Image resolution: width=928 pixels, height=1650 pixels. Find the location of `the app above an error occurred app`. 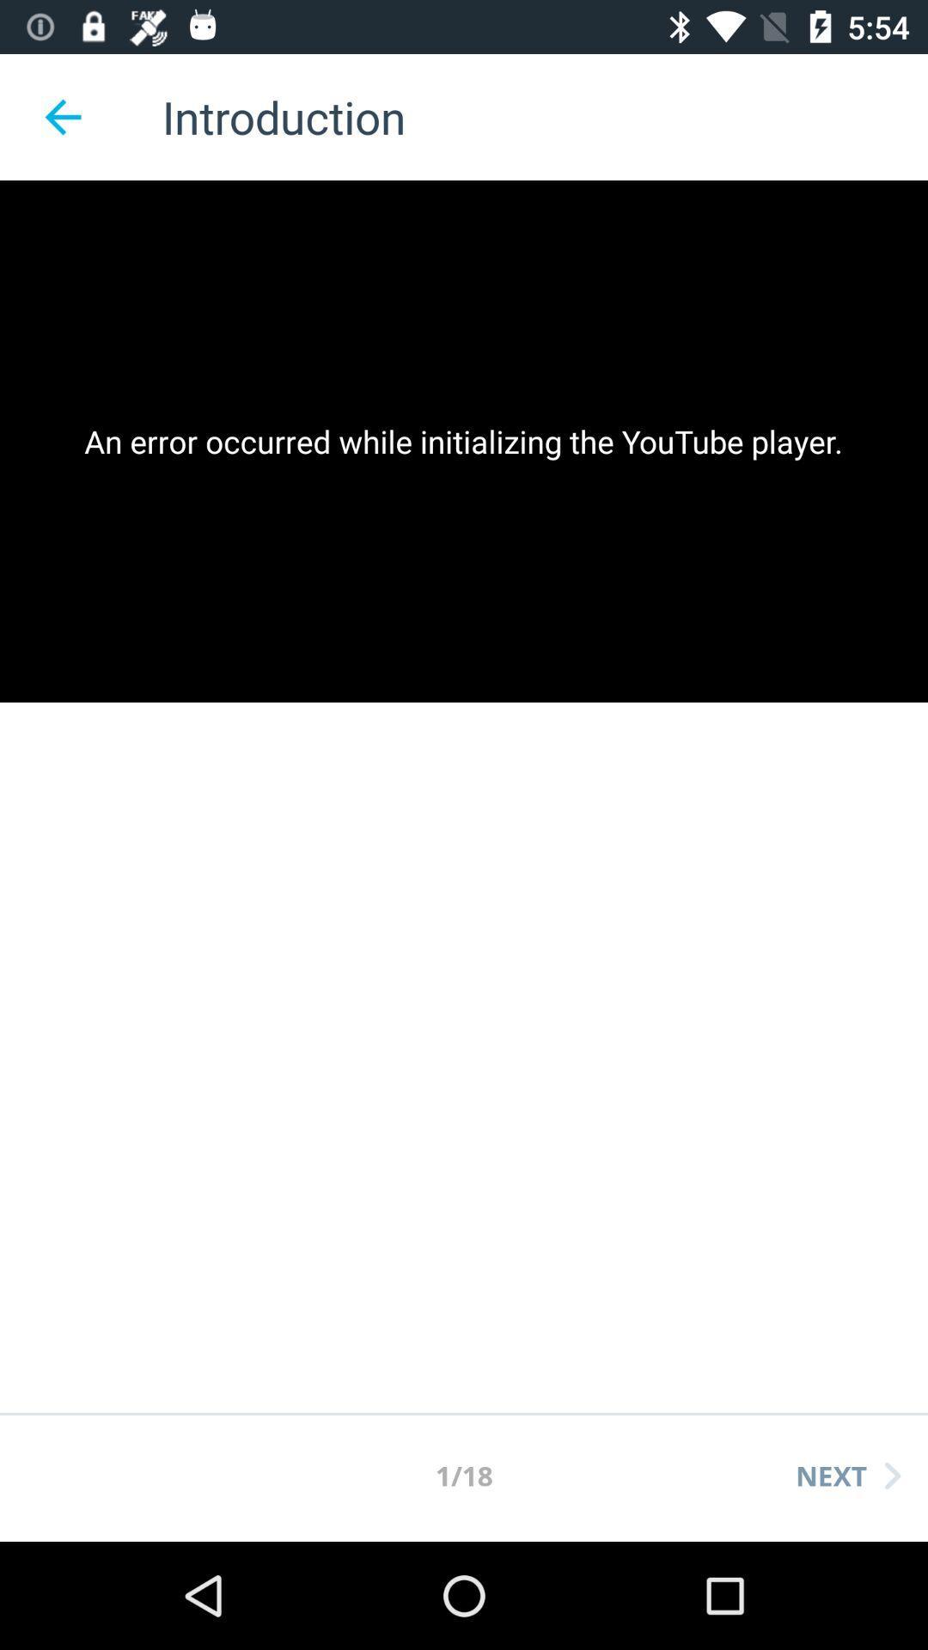

the app above an error occurred app is located at coordinates (62, 116).